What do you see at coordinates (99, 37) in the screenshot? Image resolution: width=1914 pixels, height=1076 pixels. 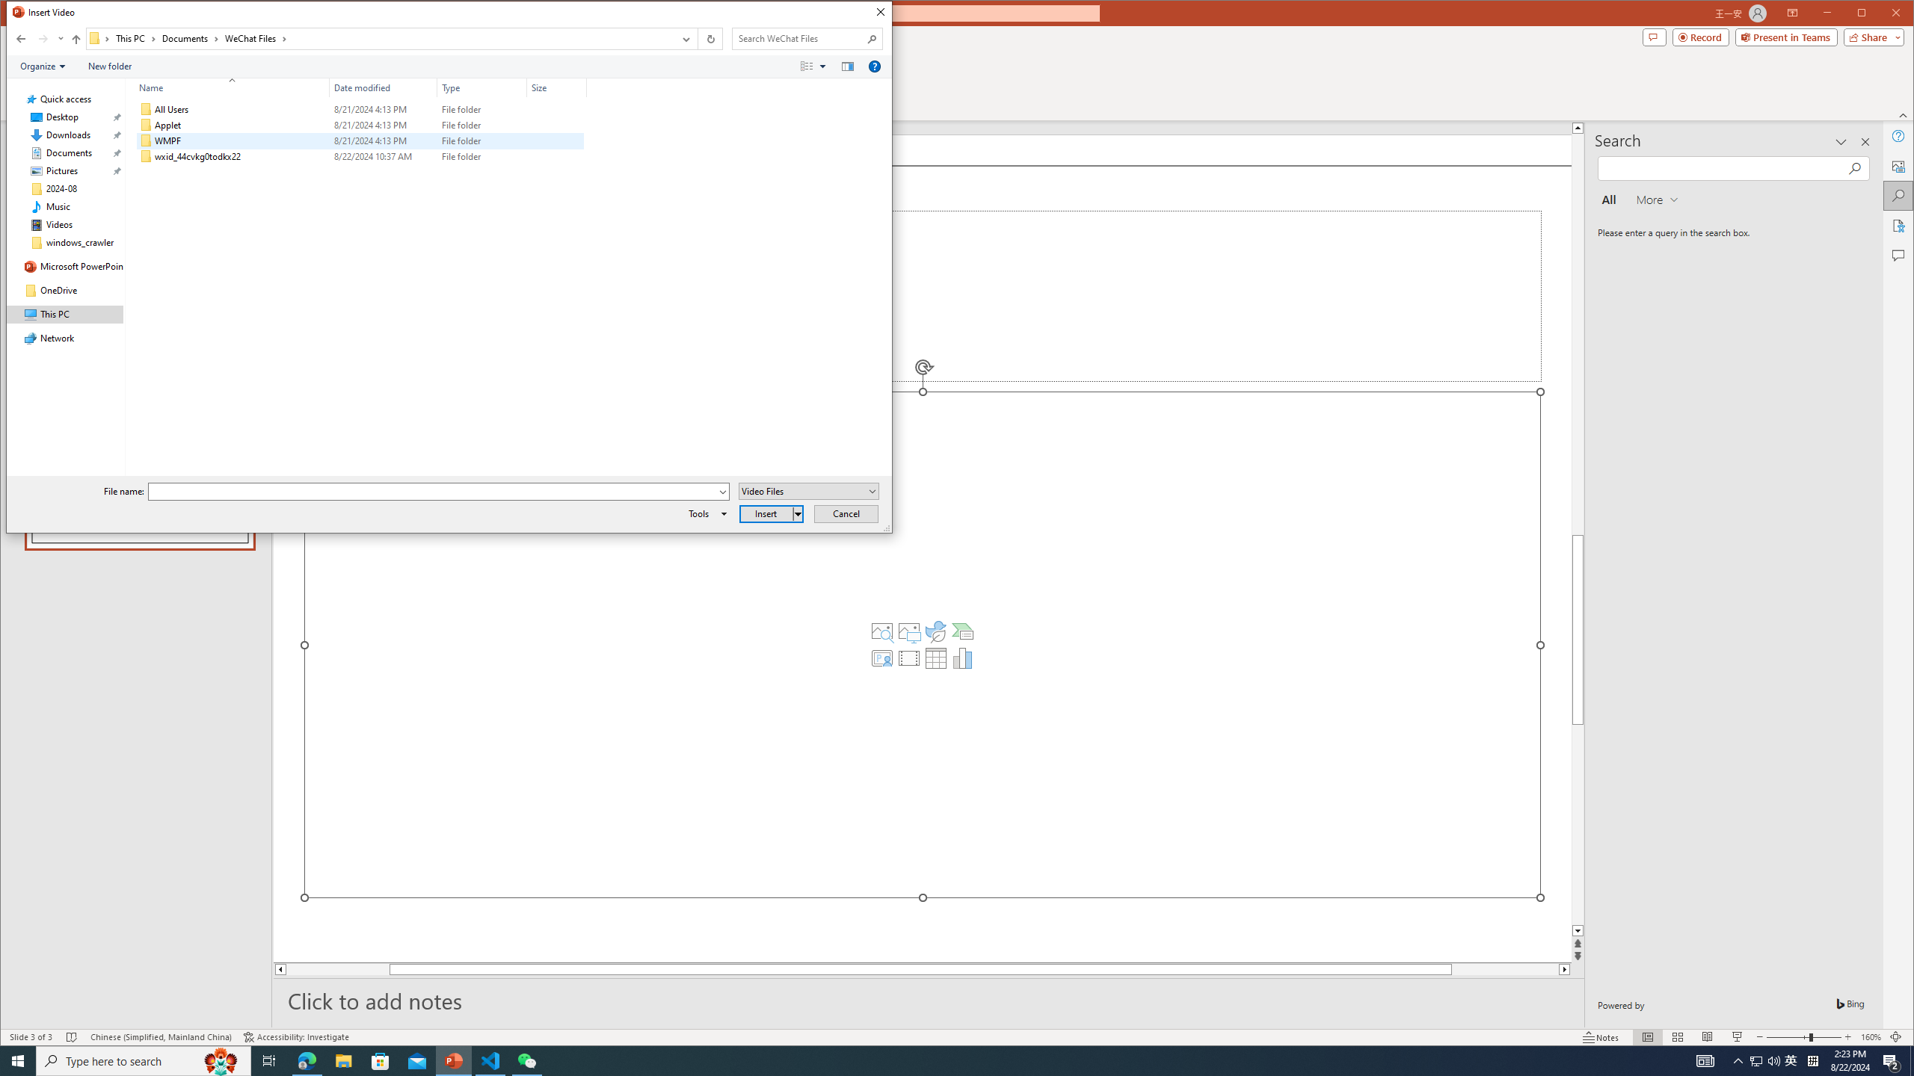 I see `'All locations'` at bounding box center [99, 37].